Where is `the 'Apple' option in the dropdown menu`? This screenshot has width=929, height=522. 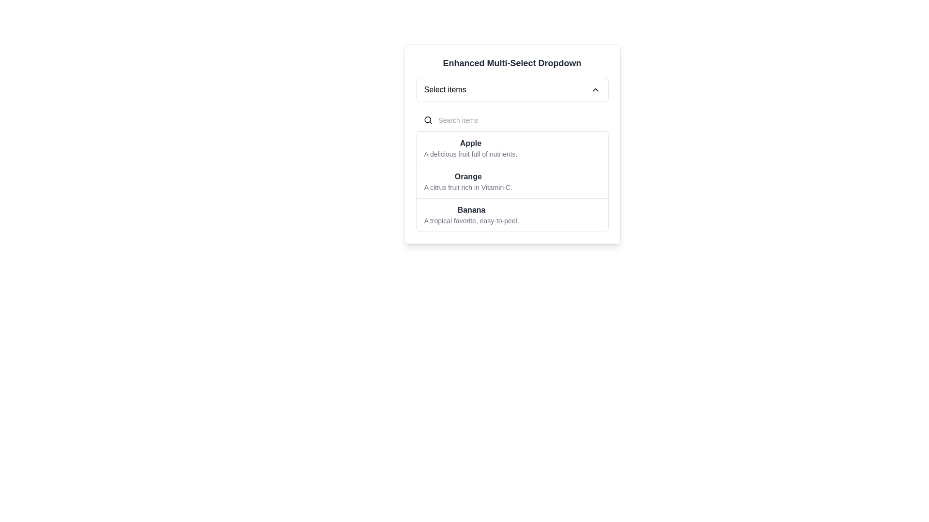 the 'Apple' option in the dropdown menu is located at coordinates (511, 148).